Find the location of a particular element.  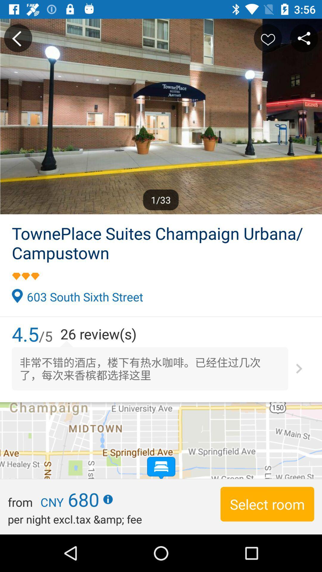

the share icon is located at coordinates (304, 38).